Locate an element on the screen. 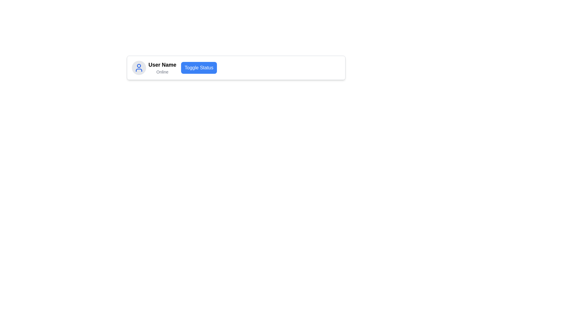 This screenshot has height=320, width=569. the Text label that displays the status of the related user, located directly below the 'User Name' label and to the left of the 'Toggle Status' button is located at coordinates (162, 72).